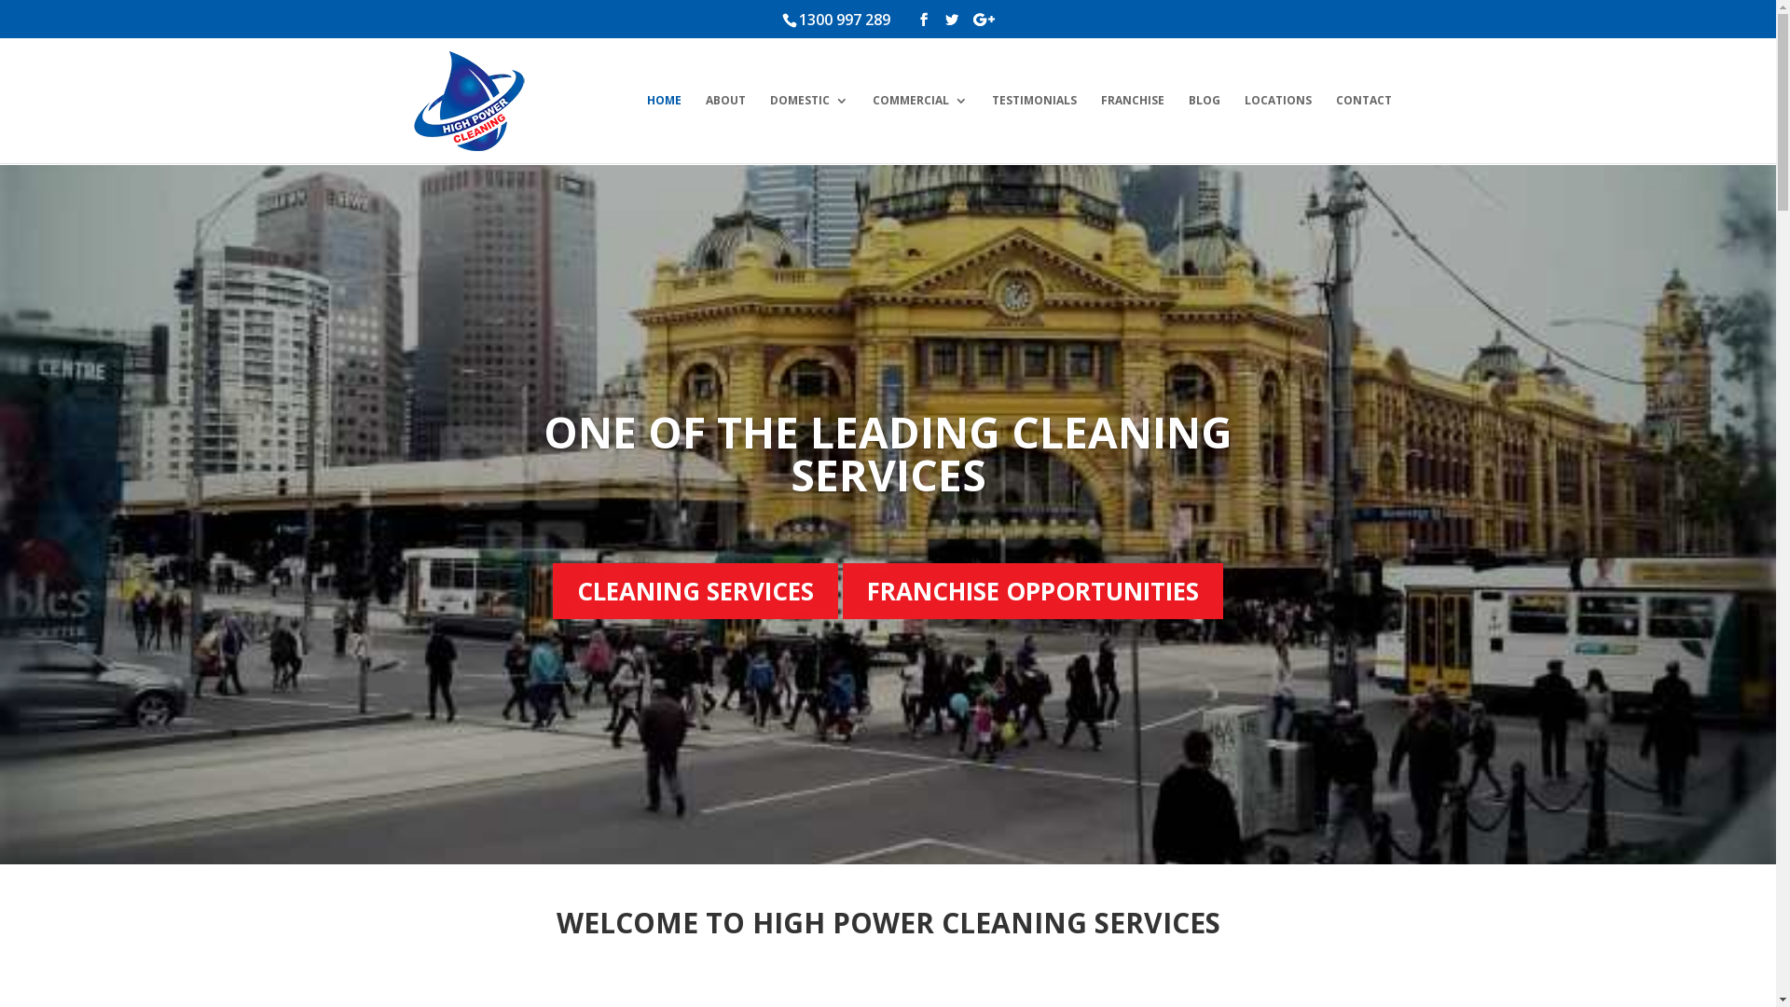 Image resolution: width=1790 pixels, height=1007 pixels. Describe the element at coordinates (1275, 128) in the screenshot. I see `'LOCATIONS'` at that location.